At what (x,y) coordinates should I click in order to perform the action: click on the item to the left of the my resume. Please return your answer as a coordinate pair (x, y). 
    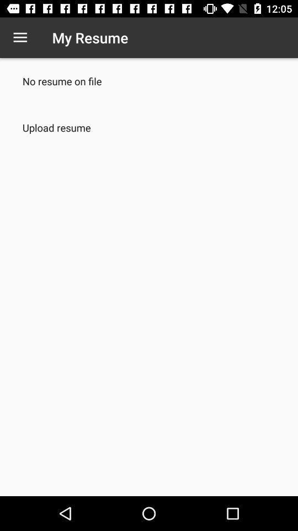
    Looking at the image, I should click on (20, 38).